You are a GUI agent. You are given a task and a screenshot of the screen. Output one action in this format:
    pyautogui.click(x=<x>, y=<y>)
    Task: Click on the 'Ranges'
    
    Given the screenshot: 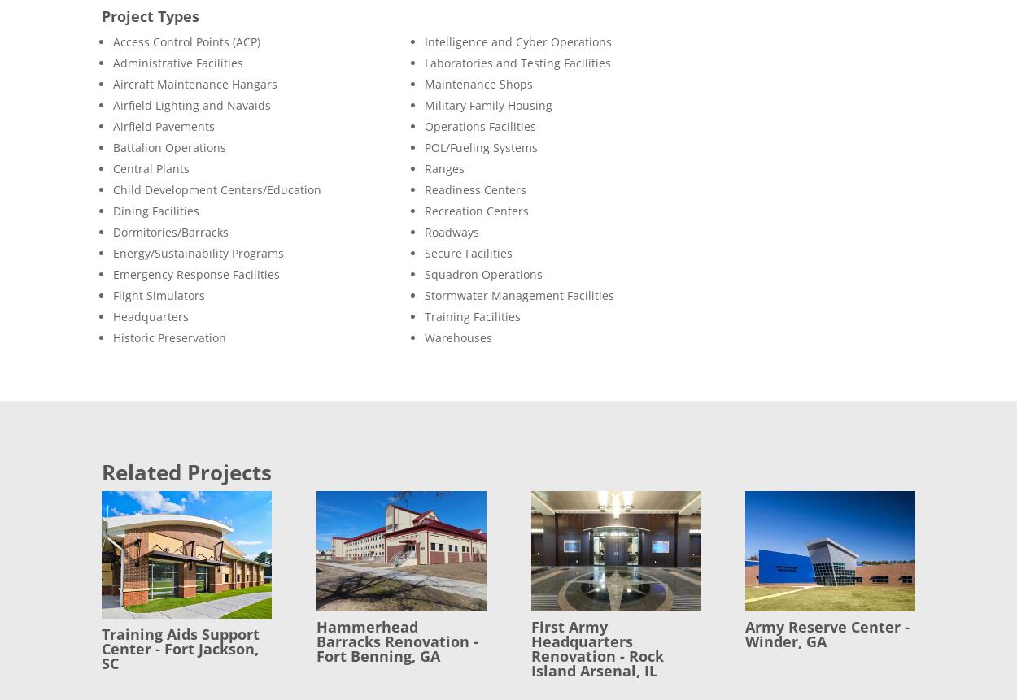 What is the action you would take?
    pyautogui.click(x=443, y=167)
    